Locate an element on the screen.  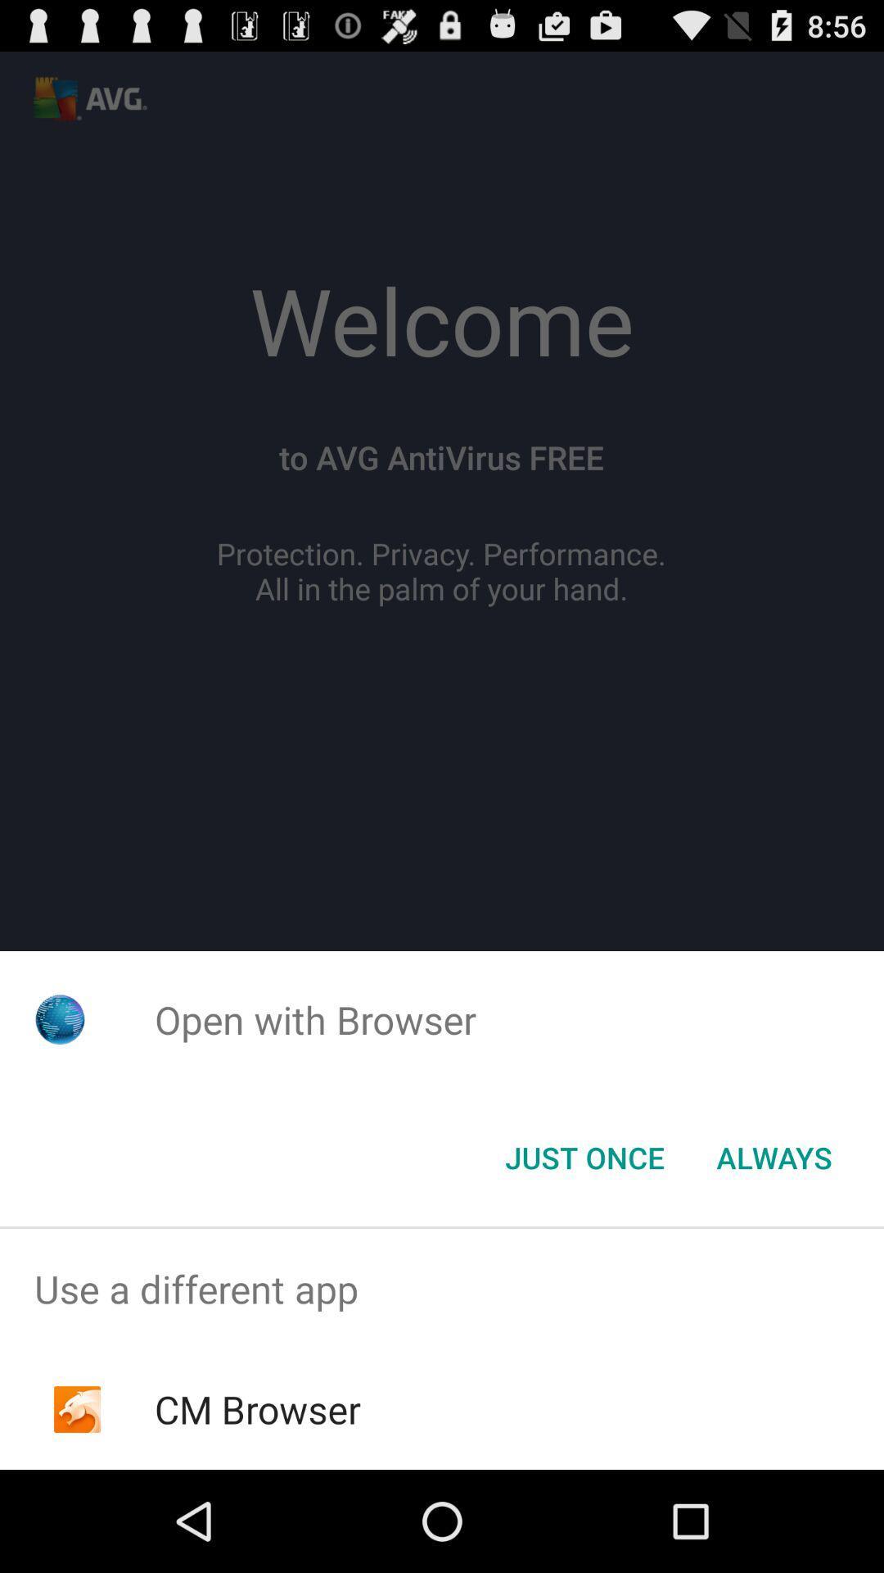
item at the bottom right corner is located at coordinates (773, 1156).